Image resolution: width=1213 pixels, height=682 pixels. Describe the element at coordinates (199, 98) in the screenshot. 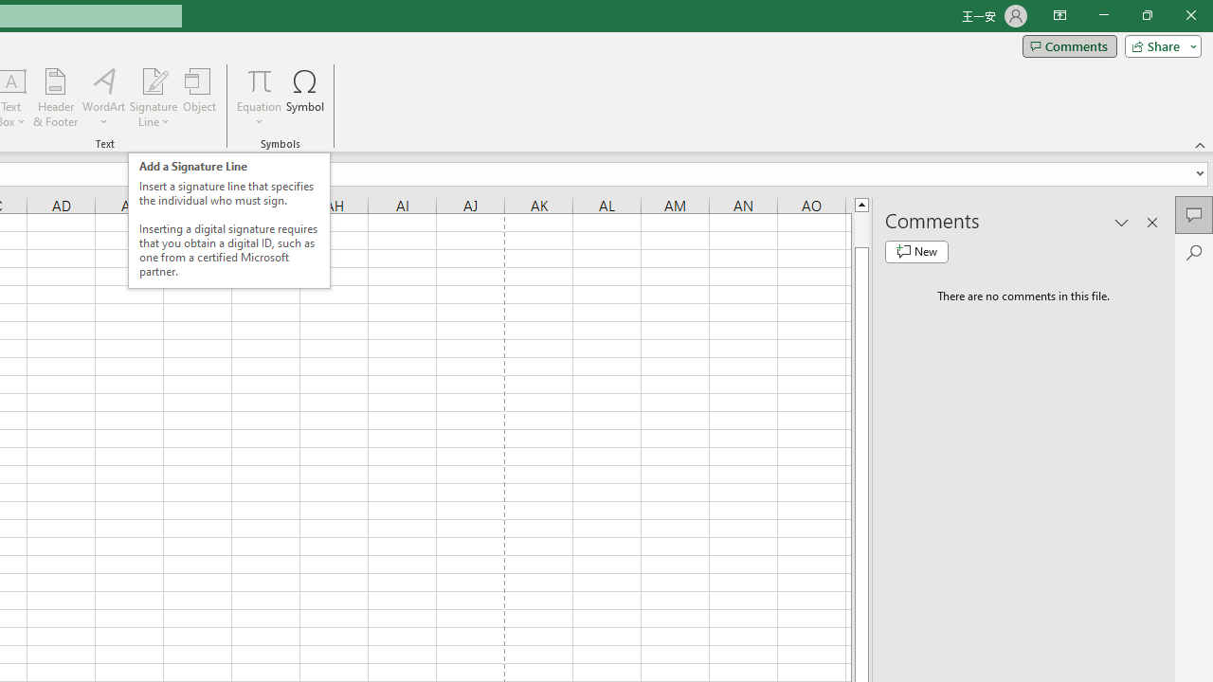

I see `'Object...'` at that location.